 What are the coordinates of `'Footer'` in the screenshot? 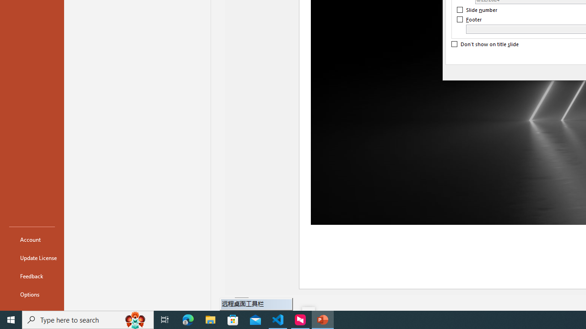 It's located at (469, 20).